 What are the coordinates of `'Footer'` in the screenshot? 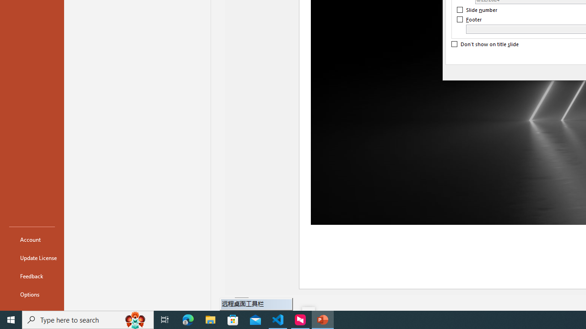 It's located at (469, 20).